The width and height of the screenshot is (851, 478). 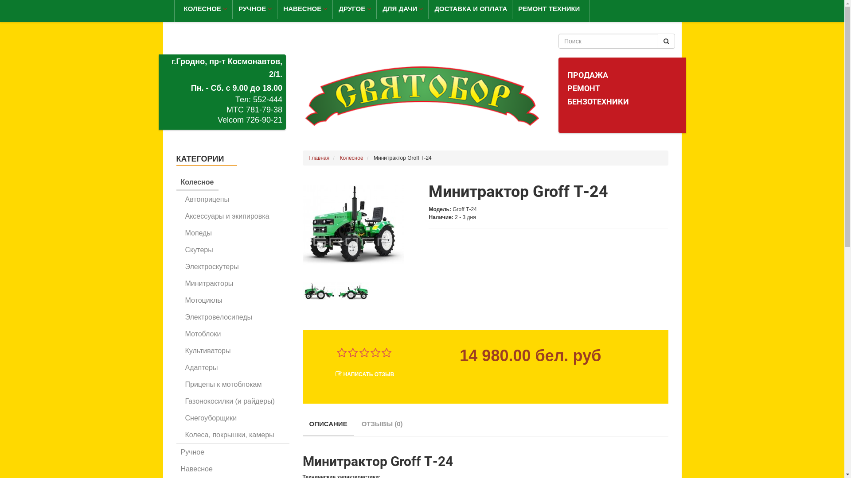 What do you see at coordinates (267, 99) in the screenshot?
I see `'552-444'` at bounding box center [267, 99].